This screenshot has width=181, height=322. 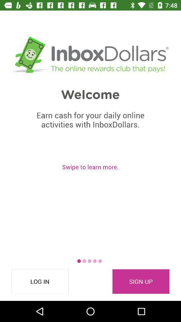 I want to click on item to the right of the log in icon, so click(x=140, y=281).